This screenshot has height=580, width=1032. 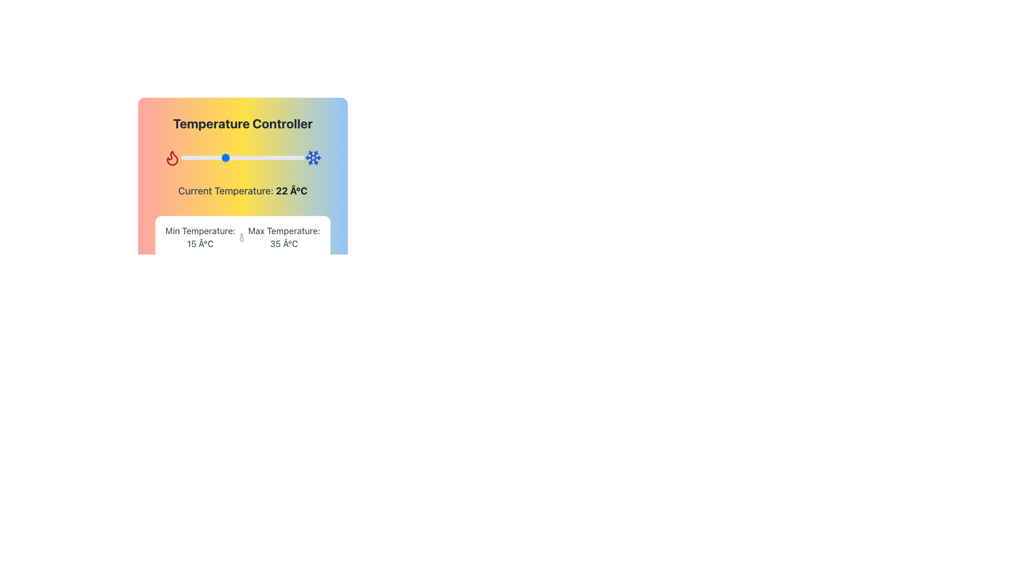 I want to click on the temperature icon located between the 'Min Temperature: 15 Â°C' and 'Max Temperature: 35 Â°C' text labels, so click(x=241, y=237).